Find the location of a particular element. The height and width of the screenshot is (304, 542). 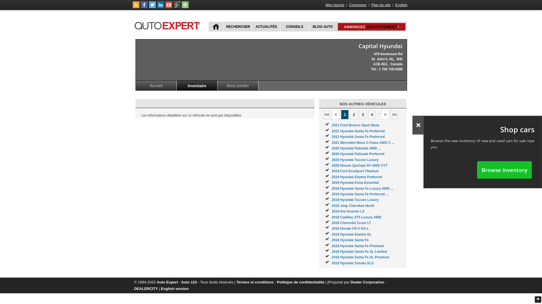

'2018 Honda CR-V EX-L' is located at coordinates (350, 229).